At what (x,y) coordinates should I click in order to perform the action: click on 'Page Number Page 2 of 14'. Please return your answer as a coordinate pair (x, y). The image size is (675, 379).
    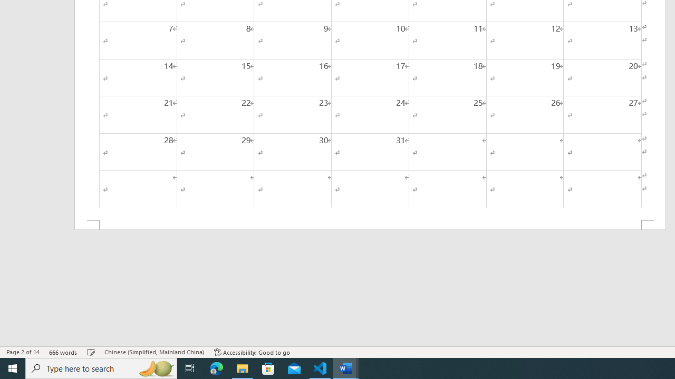
    Looking at the image, I should click on (23, 352).